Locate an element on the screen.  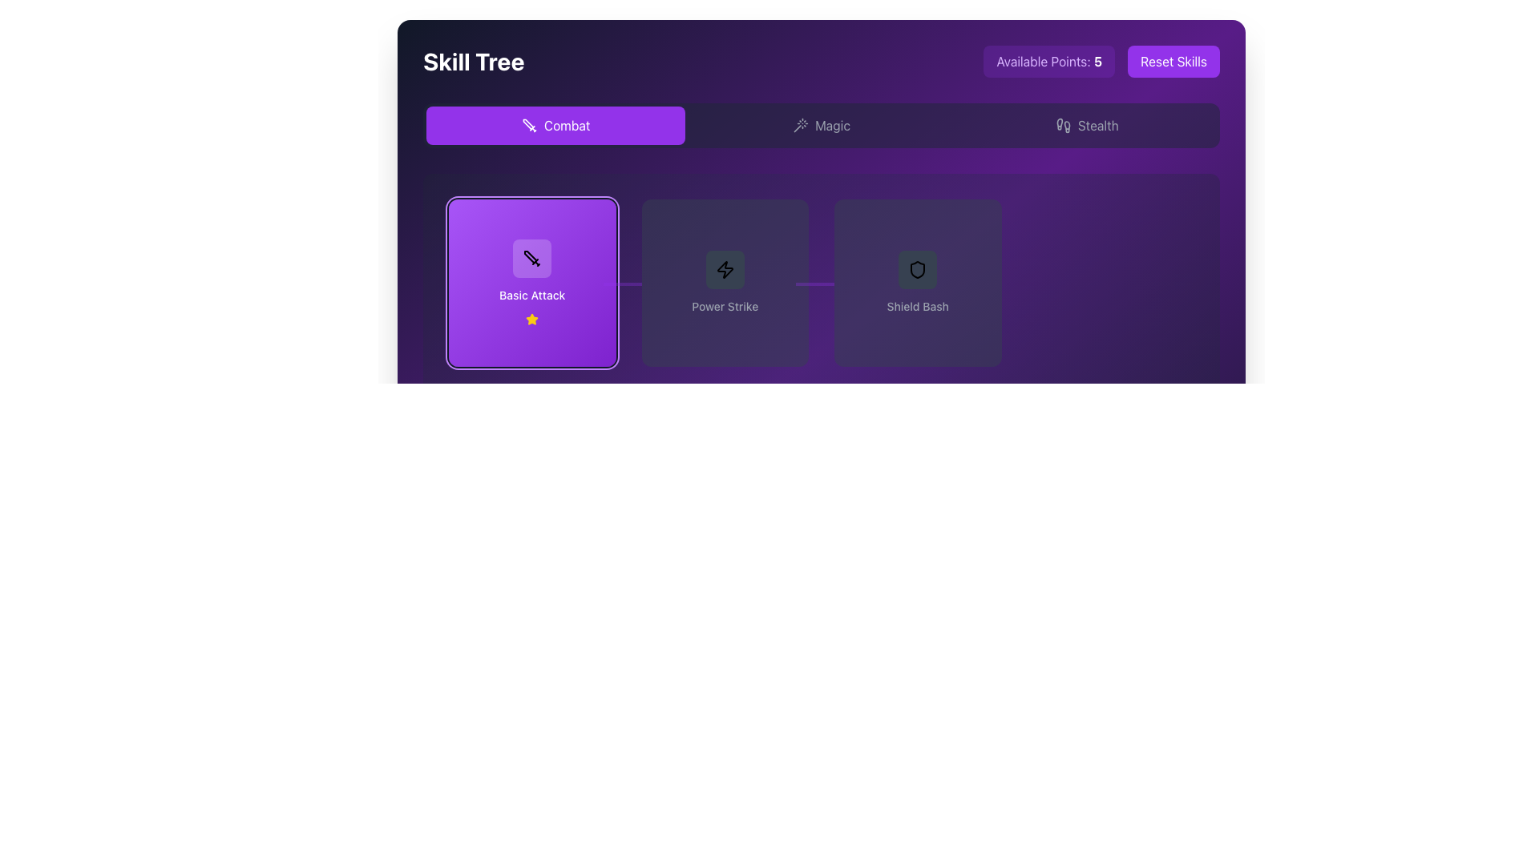
the basic attack skill icon located within the highlighted purple box labeled 'Basic Attack' in the skill tree interface is located at coordinates (532, 258).